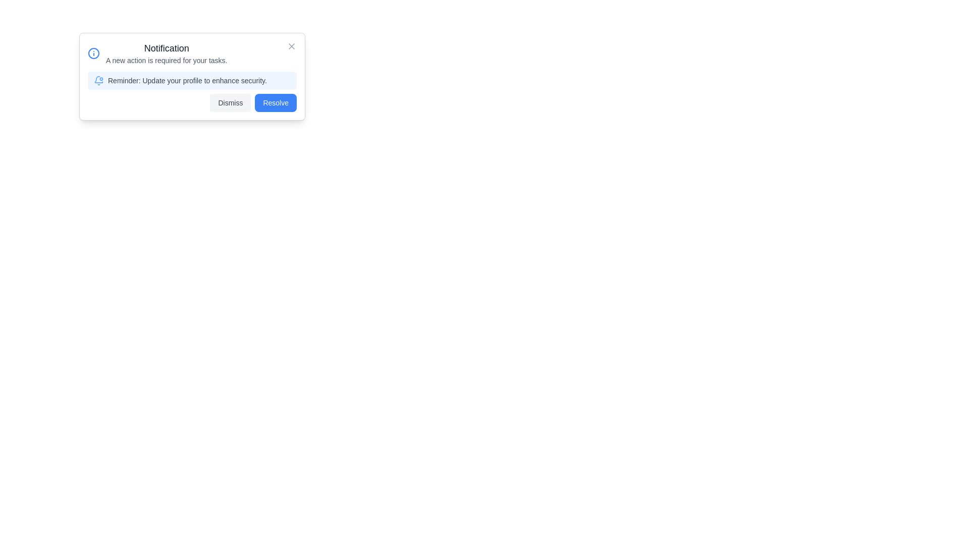 The width and height of the screenshot is (969, 545). Describe the element at coordinates (291, 46) in the screenshot. I see `the close button represented by an 'X' icon in light gray` at that location.